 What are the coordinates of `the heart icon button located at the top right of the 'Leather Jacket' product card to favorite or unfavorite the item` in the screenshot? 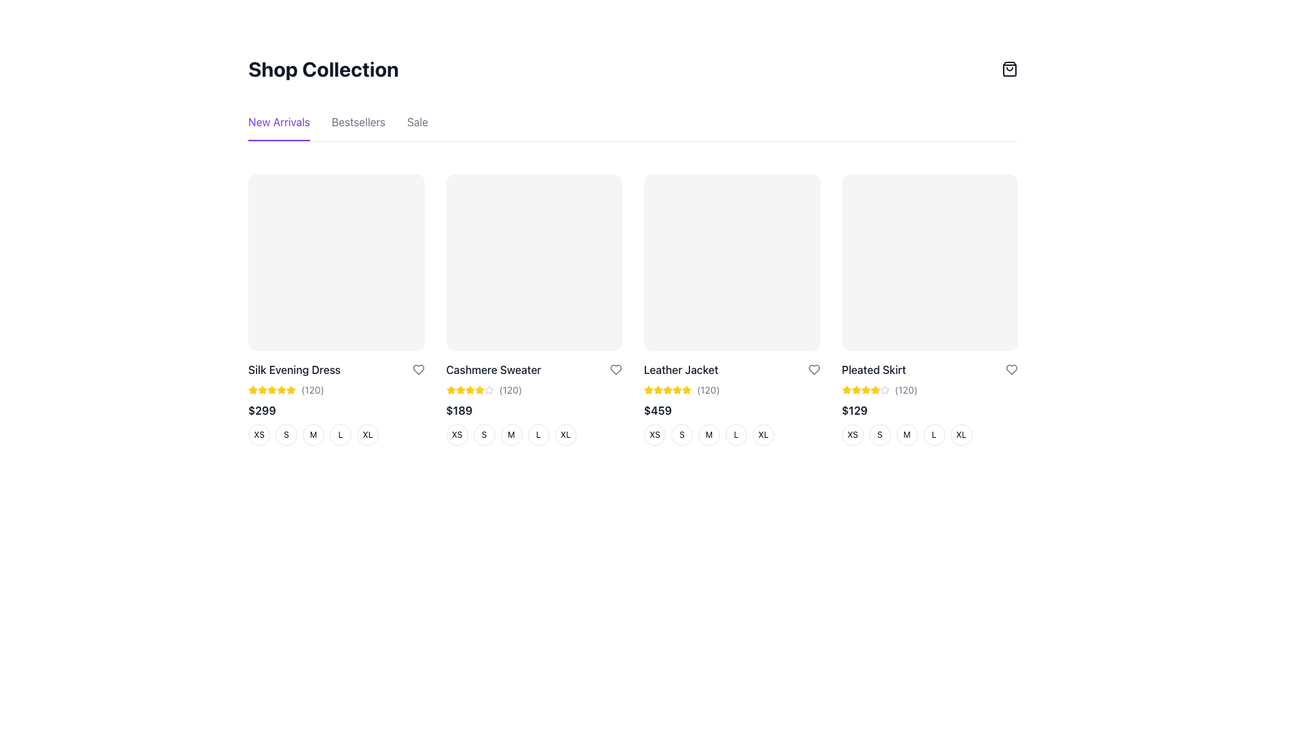 It's located at (814, 369).